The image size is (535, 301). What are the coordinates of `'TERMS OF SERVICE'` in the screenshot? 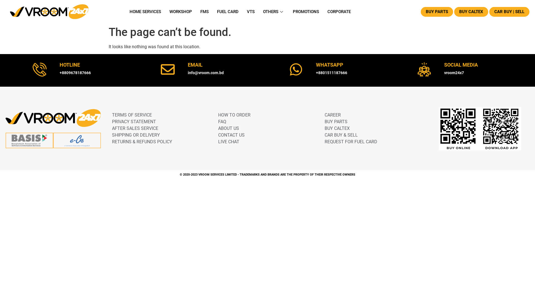 It's located at (112, 115).